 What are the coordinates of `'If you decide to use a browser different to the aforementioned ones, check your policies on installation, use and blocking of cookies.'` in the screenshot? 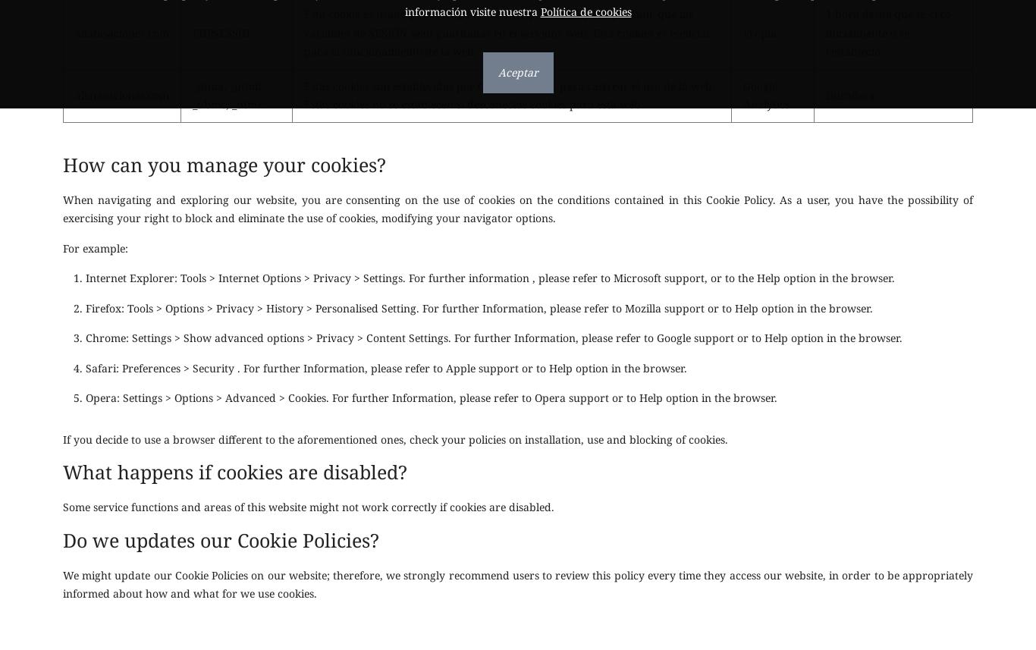 It's located at (395, 438).